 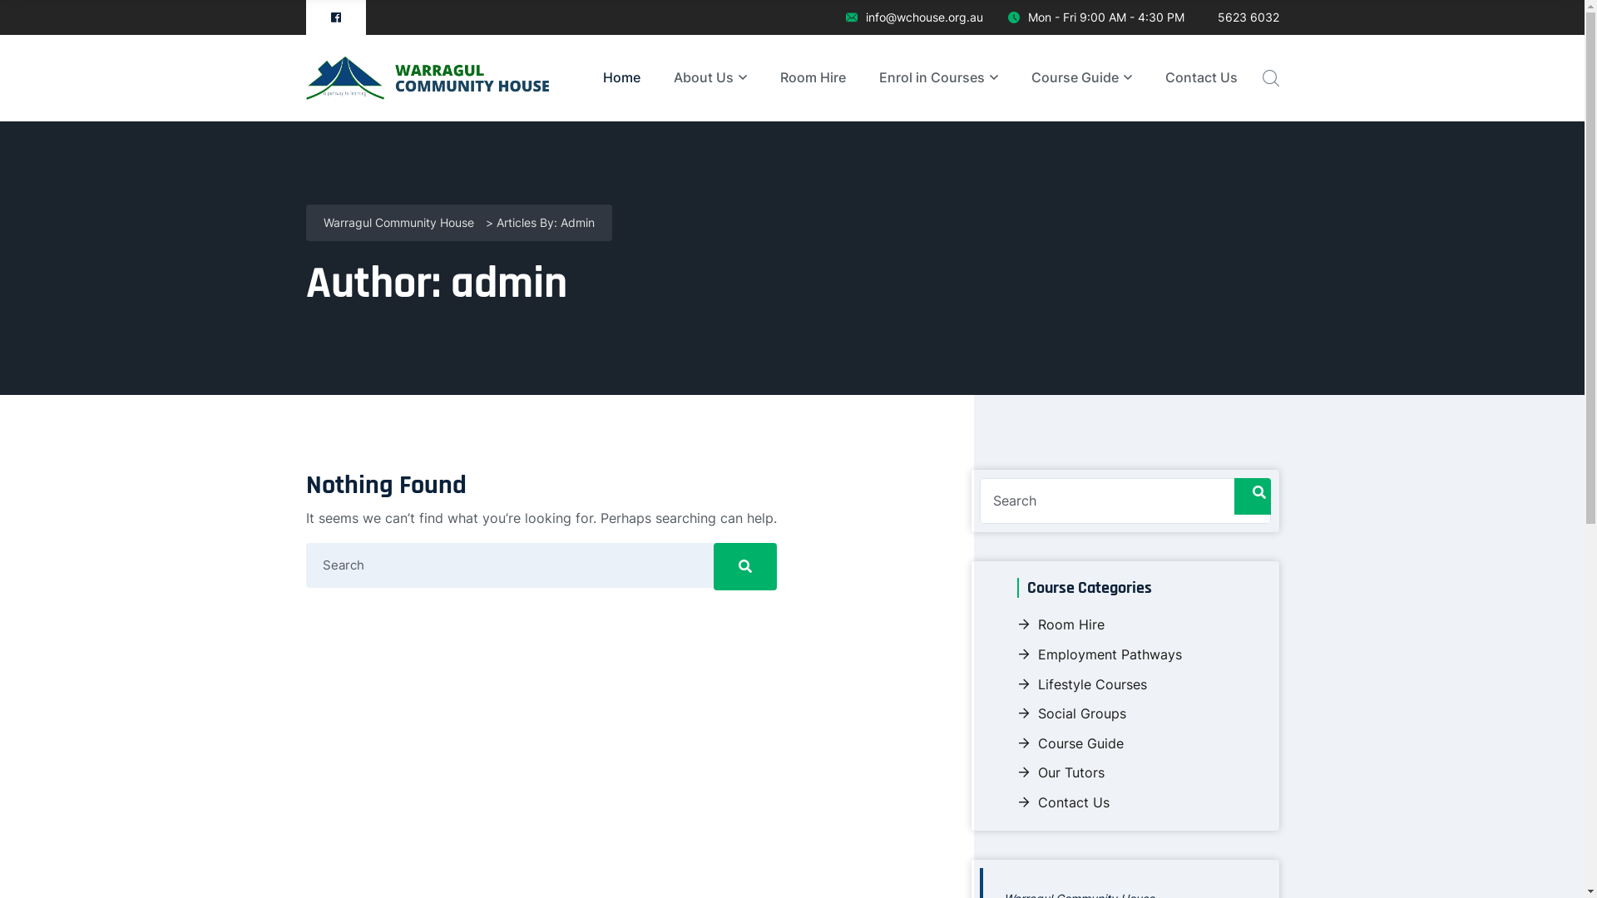 I want to click on 'Home', so click(x=601, y=77).